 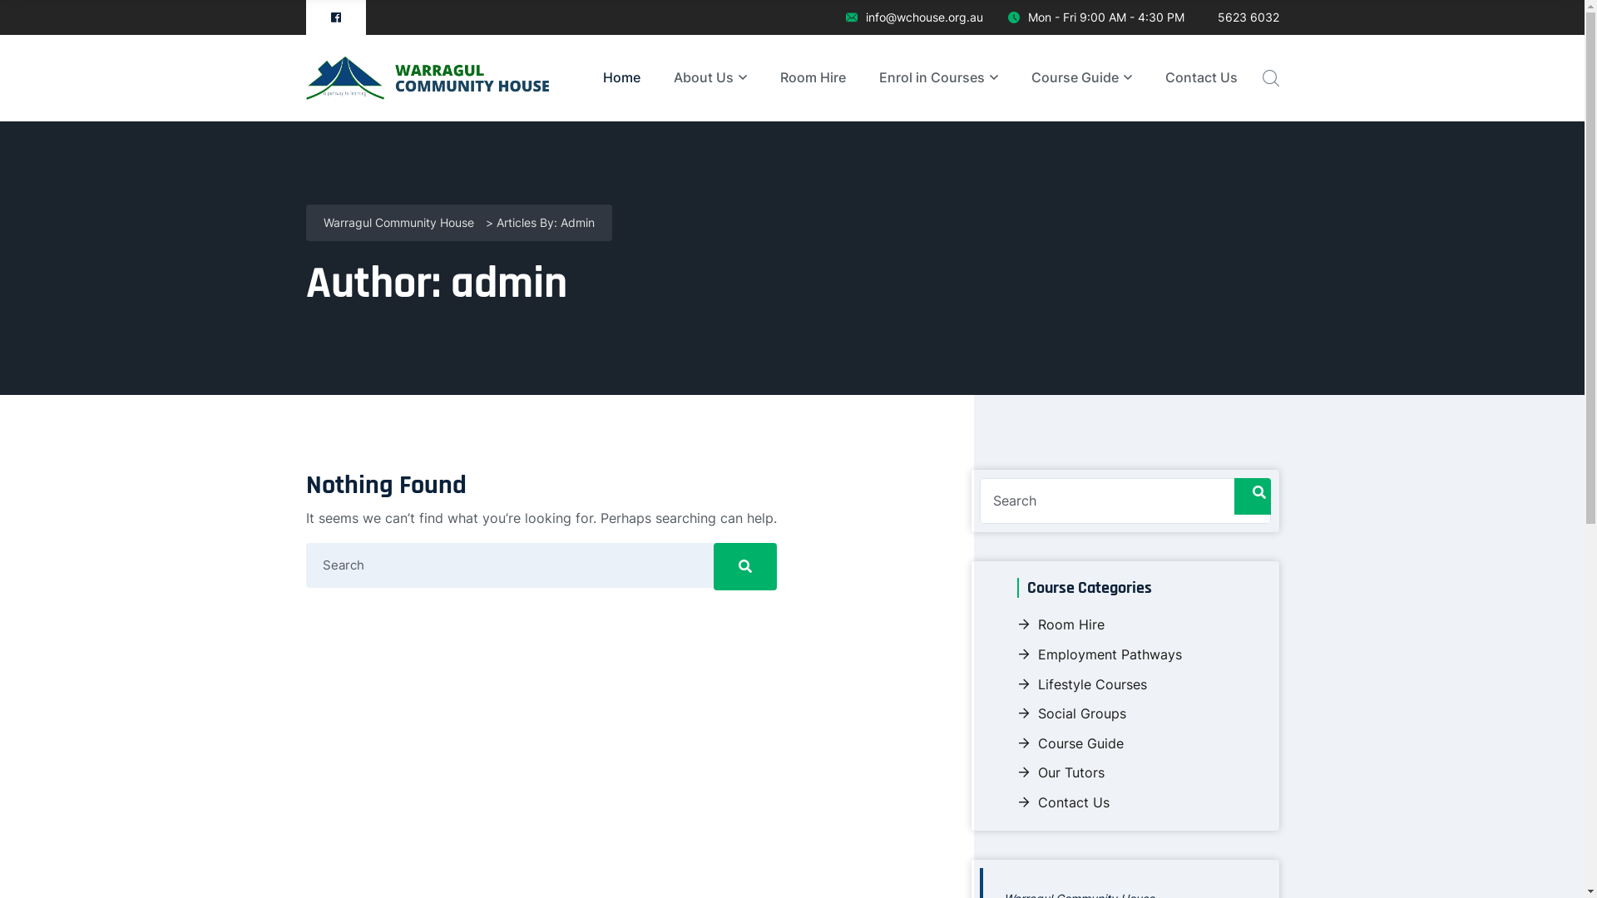 I want to click on 'Home', so click(x=601, y=77).